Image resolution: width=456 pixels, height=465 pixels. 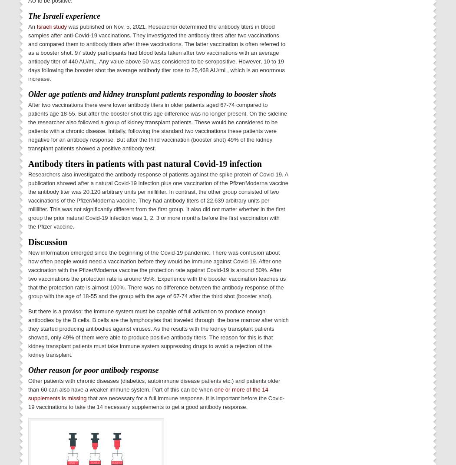 What do you see at coordinates (157, 126) in the screenshot?
I see `'After two vaccinations there were lower antibody titers in older patients aged 67-74 compared to patients age 18-55. But after the booster shot this age difference was no longer present. On the sideline the researcher also followed a group of kidney transplant patients. These would be considered to be patients with a chronic disease. Initially, following the standard two vaccinations these patients were negative for an antibody response. But after the third vaccination (booster shot) 49% of the kidney transplant patients showed a positive antibody test.'` at bounding box center [157, 126].